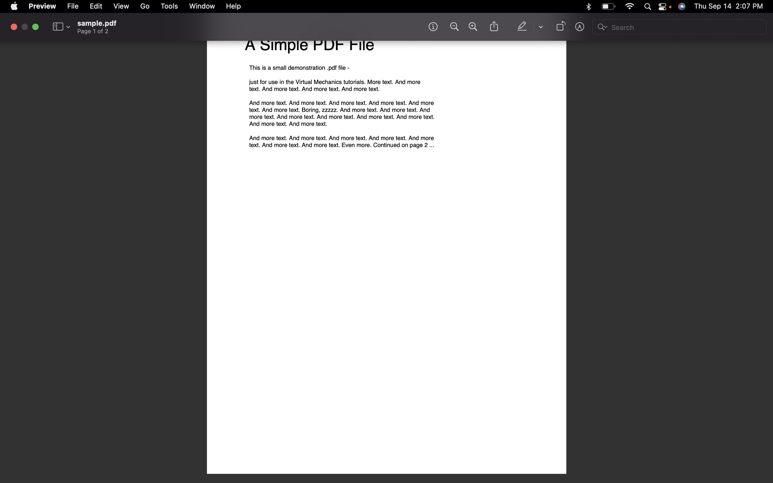 Image resolution: width=773 pixels, height=483 pixels. What do you see at coordinates (680, 27) in the screenshot?
I see `the search area` at bounding box center [680, 27].